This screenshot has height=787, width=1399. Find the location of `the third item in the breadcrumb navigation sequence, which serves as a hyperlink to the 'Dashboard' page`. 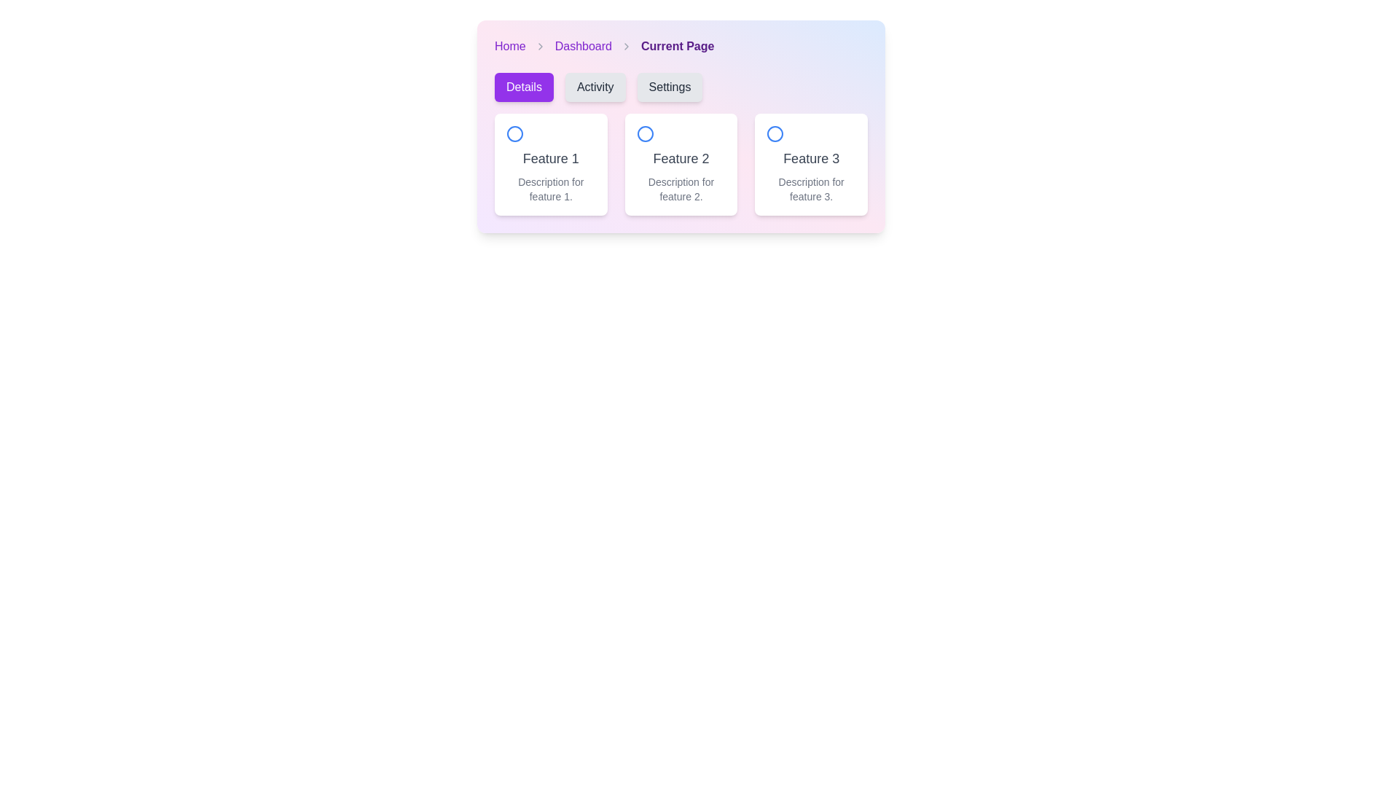

the third item in the breadcrumb navigation sequence, which serves as a hyperlink to the 'Dashboard' page is located at coordinates (583, 46).